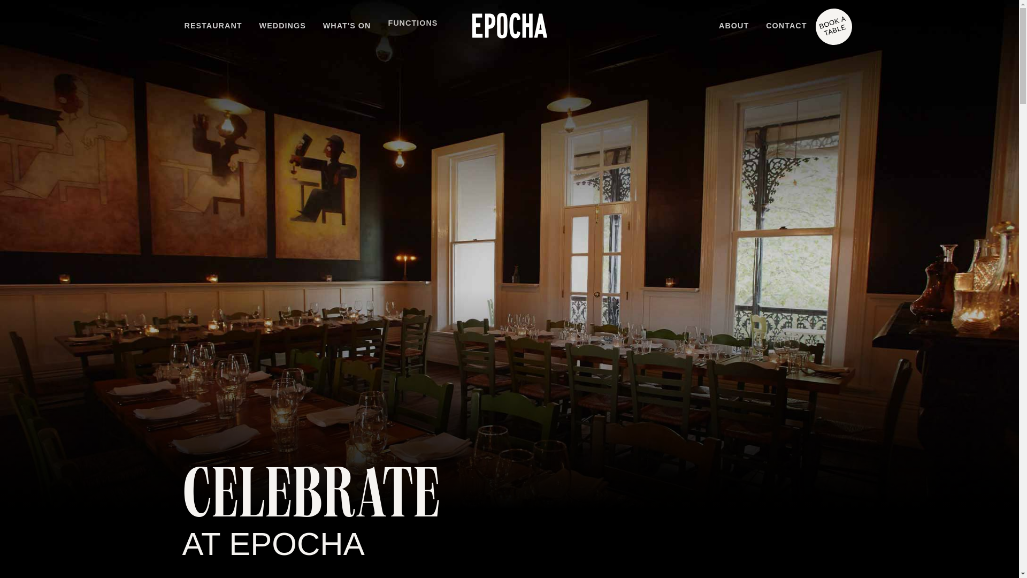 The width and height of the screenshot is (1027, 578). I want to click on 'RESTAURANT', so click(213, 26).